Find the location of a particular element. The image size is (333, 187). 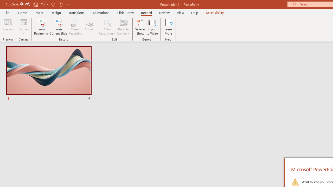

'Clear Recording' is located at coordinates (107, 27).